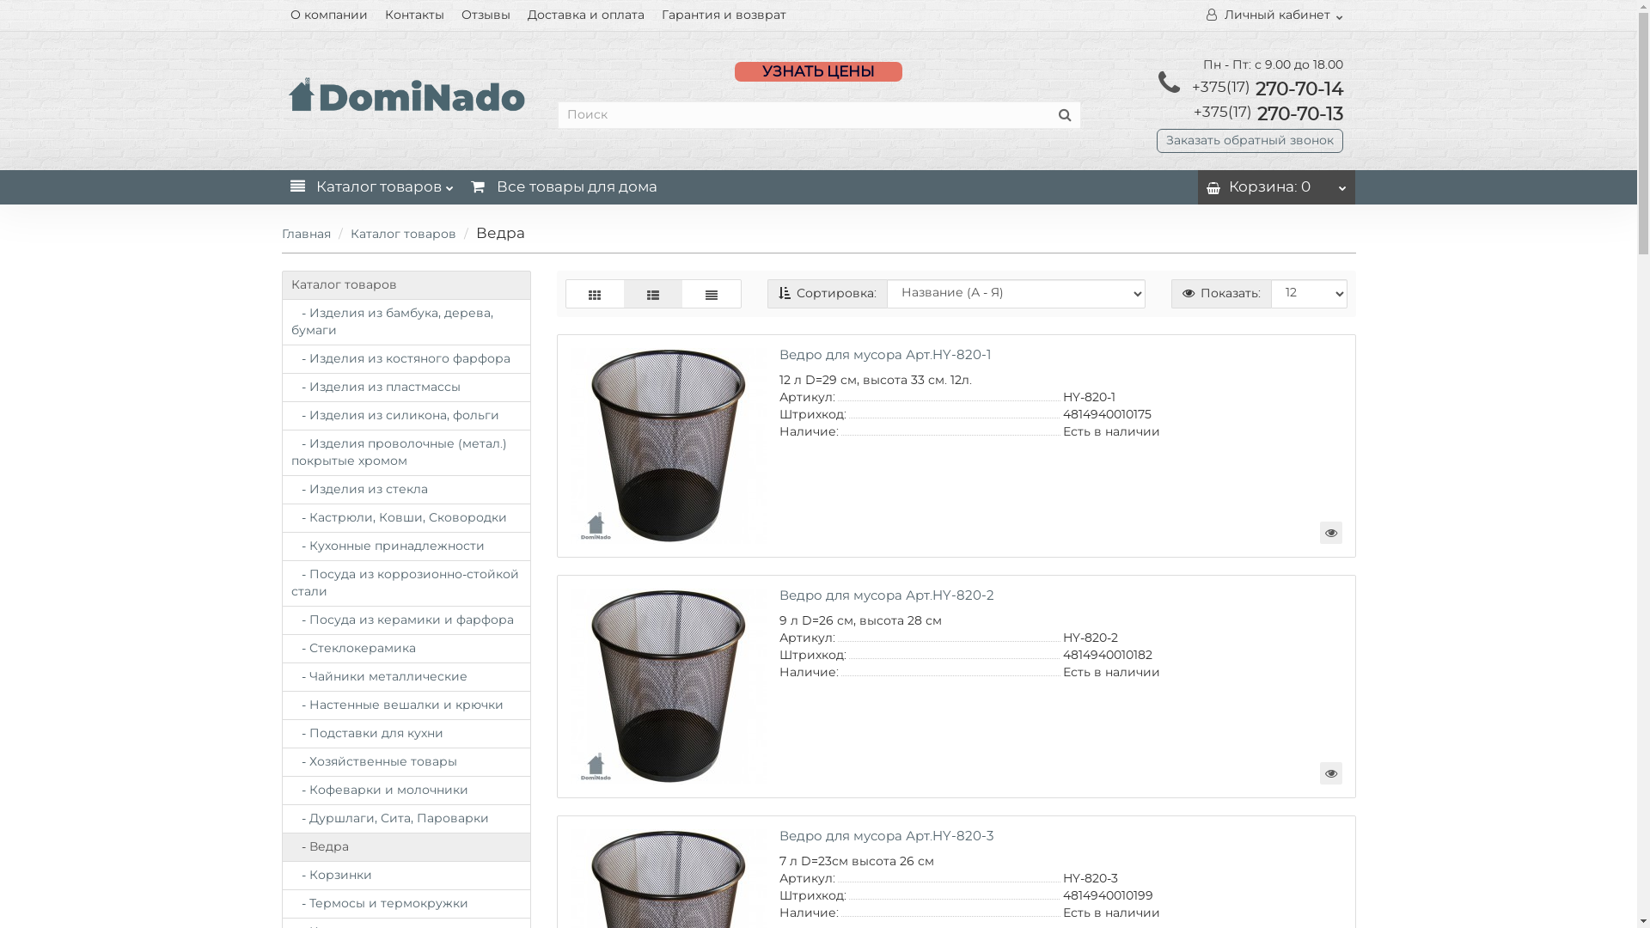 This screenshot has height=928, width=1650. What do you see at coordinates (406, 93) in the screenshot?
I see `'rosprodukt.by'` at bounding box center [406, 93].